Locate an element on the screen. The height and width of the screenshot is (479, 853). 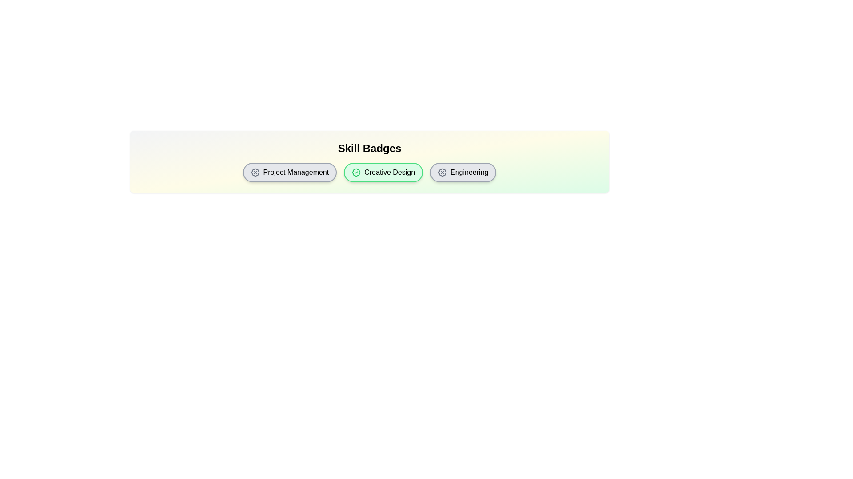
the skill badge labeled Project Management is located at coordinates (290, 173).